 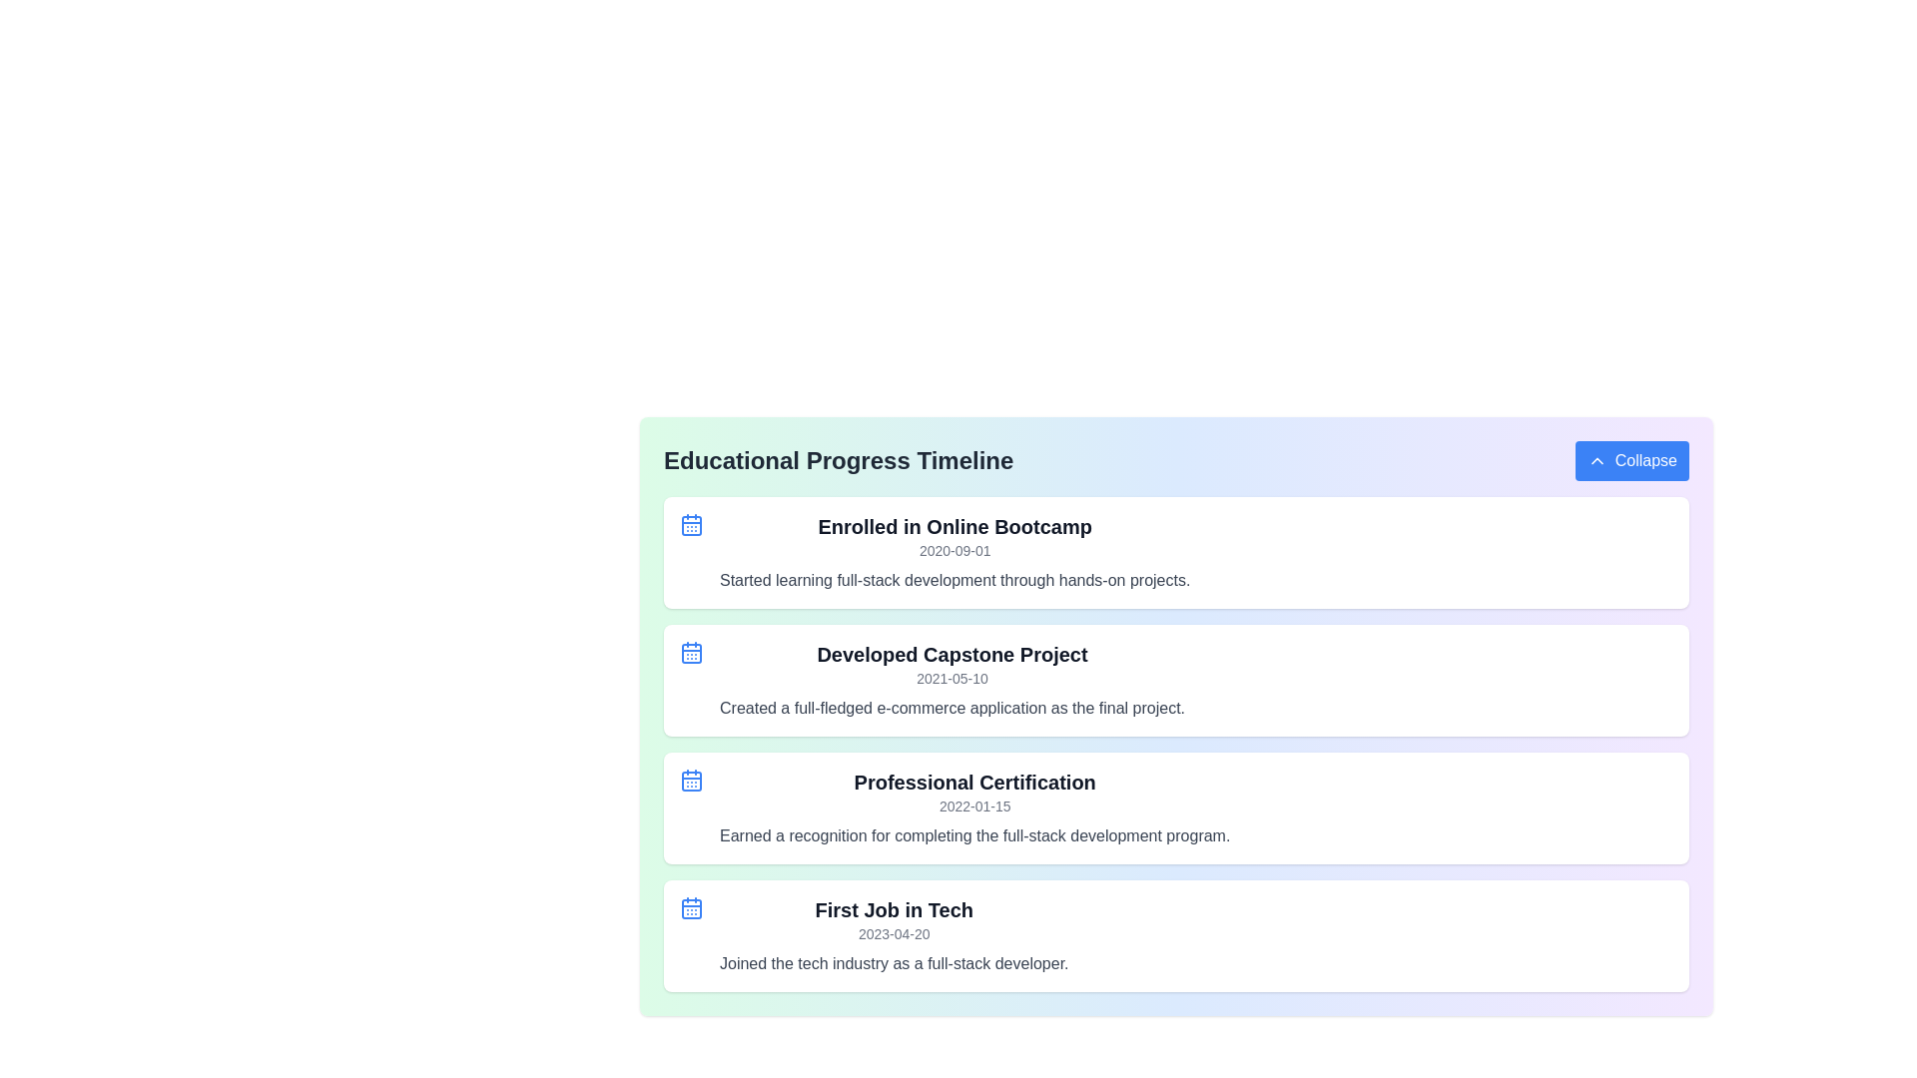 I want to click on the blue calendar icon located above the date '2023-04-20' at the fourth entry of the timeline list, so click(x=691, y=908).